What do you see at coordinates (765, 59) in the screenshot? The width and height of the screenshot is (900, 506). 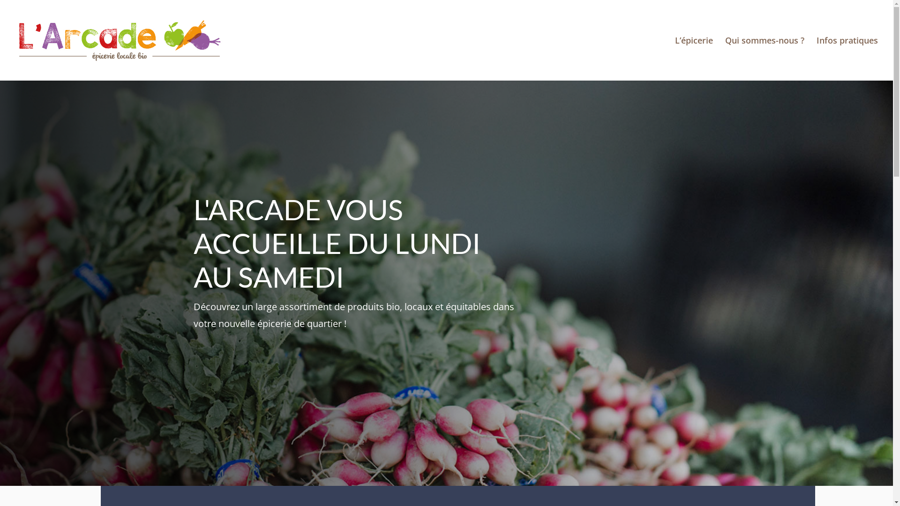 I see `'Qui sommes-nous ?'` at bounding box center [765, 59].